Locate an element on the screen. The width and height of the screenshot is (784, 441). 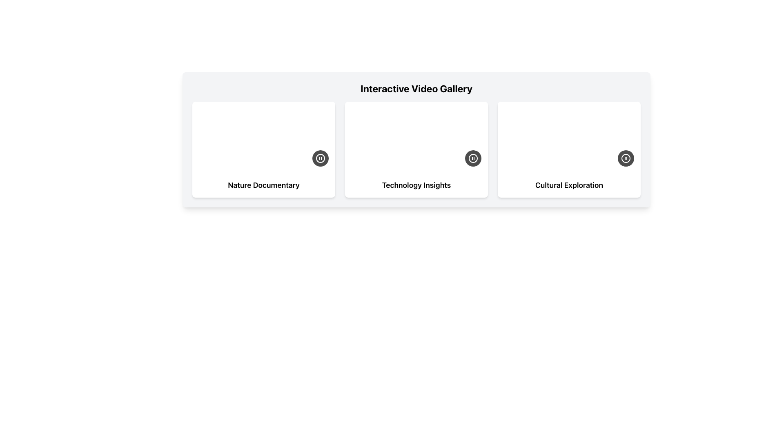
the pause button located at the bottom-right corner of the 'Cultural Exploration' video card is located at coordinates (625, 158).